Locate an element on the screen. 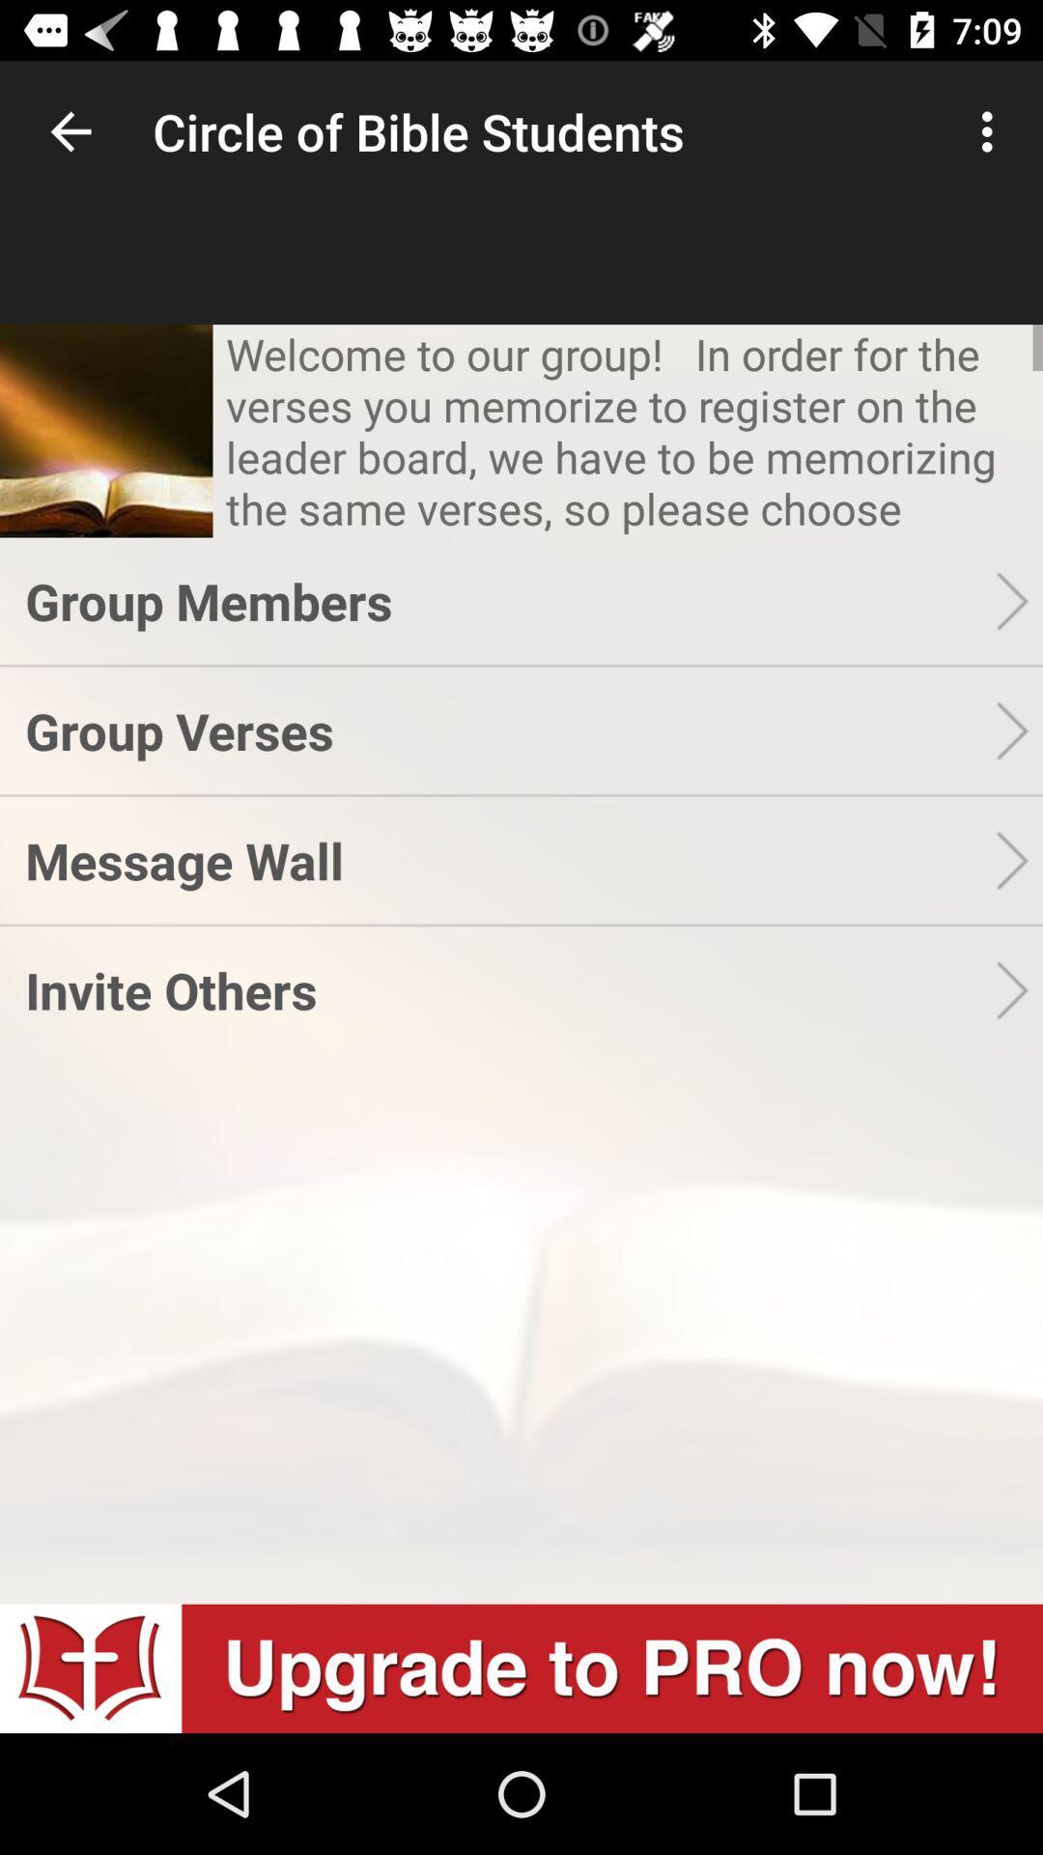  group members item is located at coordinates (509, 600).